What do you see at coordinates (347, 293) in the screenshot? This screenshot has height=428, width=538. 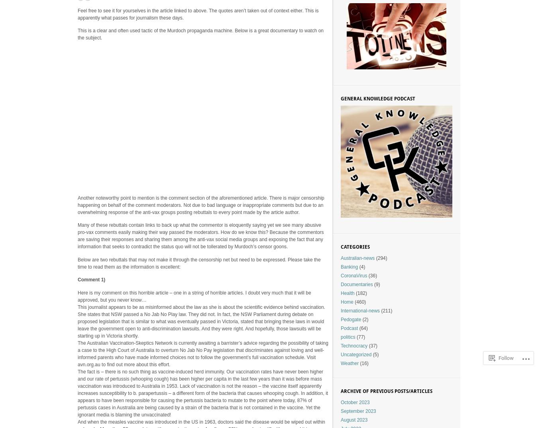 I see `'Health'` at bounding box center [347, 293].